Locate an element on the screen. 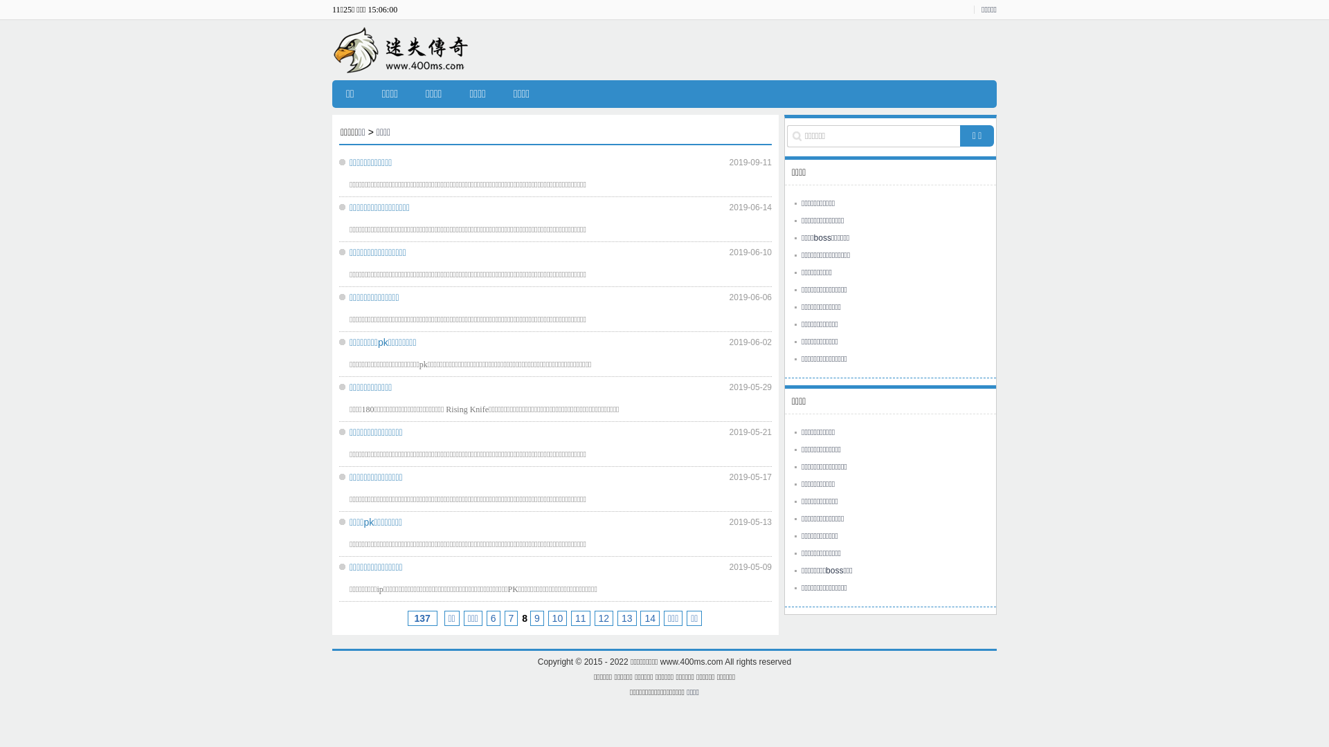 The width and height of the screenshot is (1329, 747). '14' is located at coordinates (649, 618).